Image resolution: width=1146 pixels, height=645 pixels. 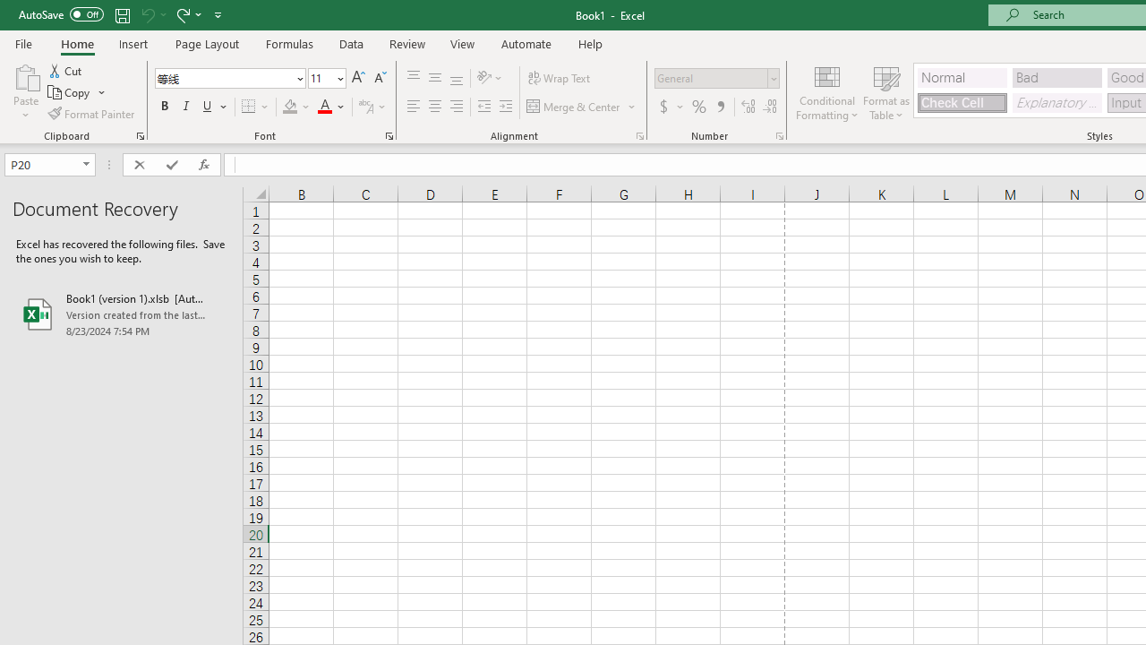 I want to click on 'File Tab', so click(x=23, y=42).